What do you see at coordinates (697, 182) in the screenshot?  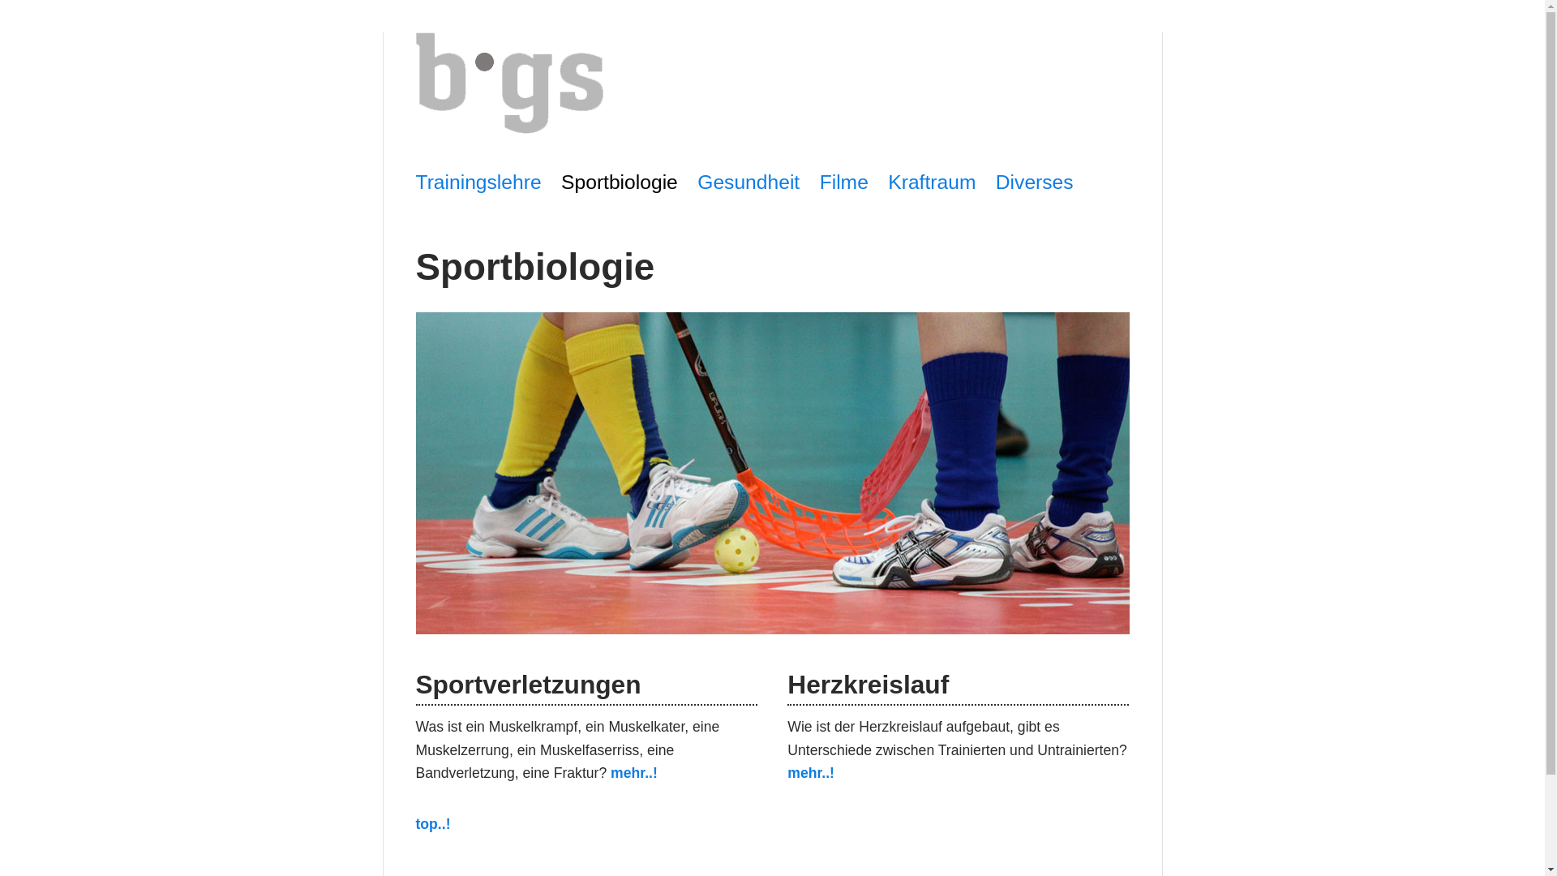 I see `'Gesundheit'` at bounding box center [697, 182].